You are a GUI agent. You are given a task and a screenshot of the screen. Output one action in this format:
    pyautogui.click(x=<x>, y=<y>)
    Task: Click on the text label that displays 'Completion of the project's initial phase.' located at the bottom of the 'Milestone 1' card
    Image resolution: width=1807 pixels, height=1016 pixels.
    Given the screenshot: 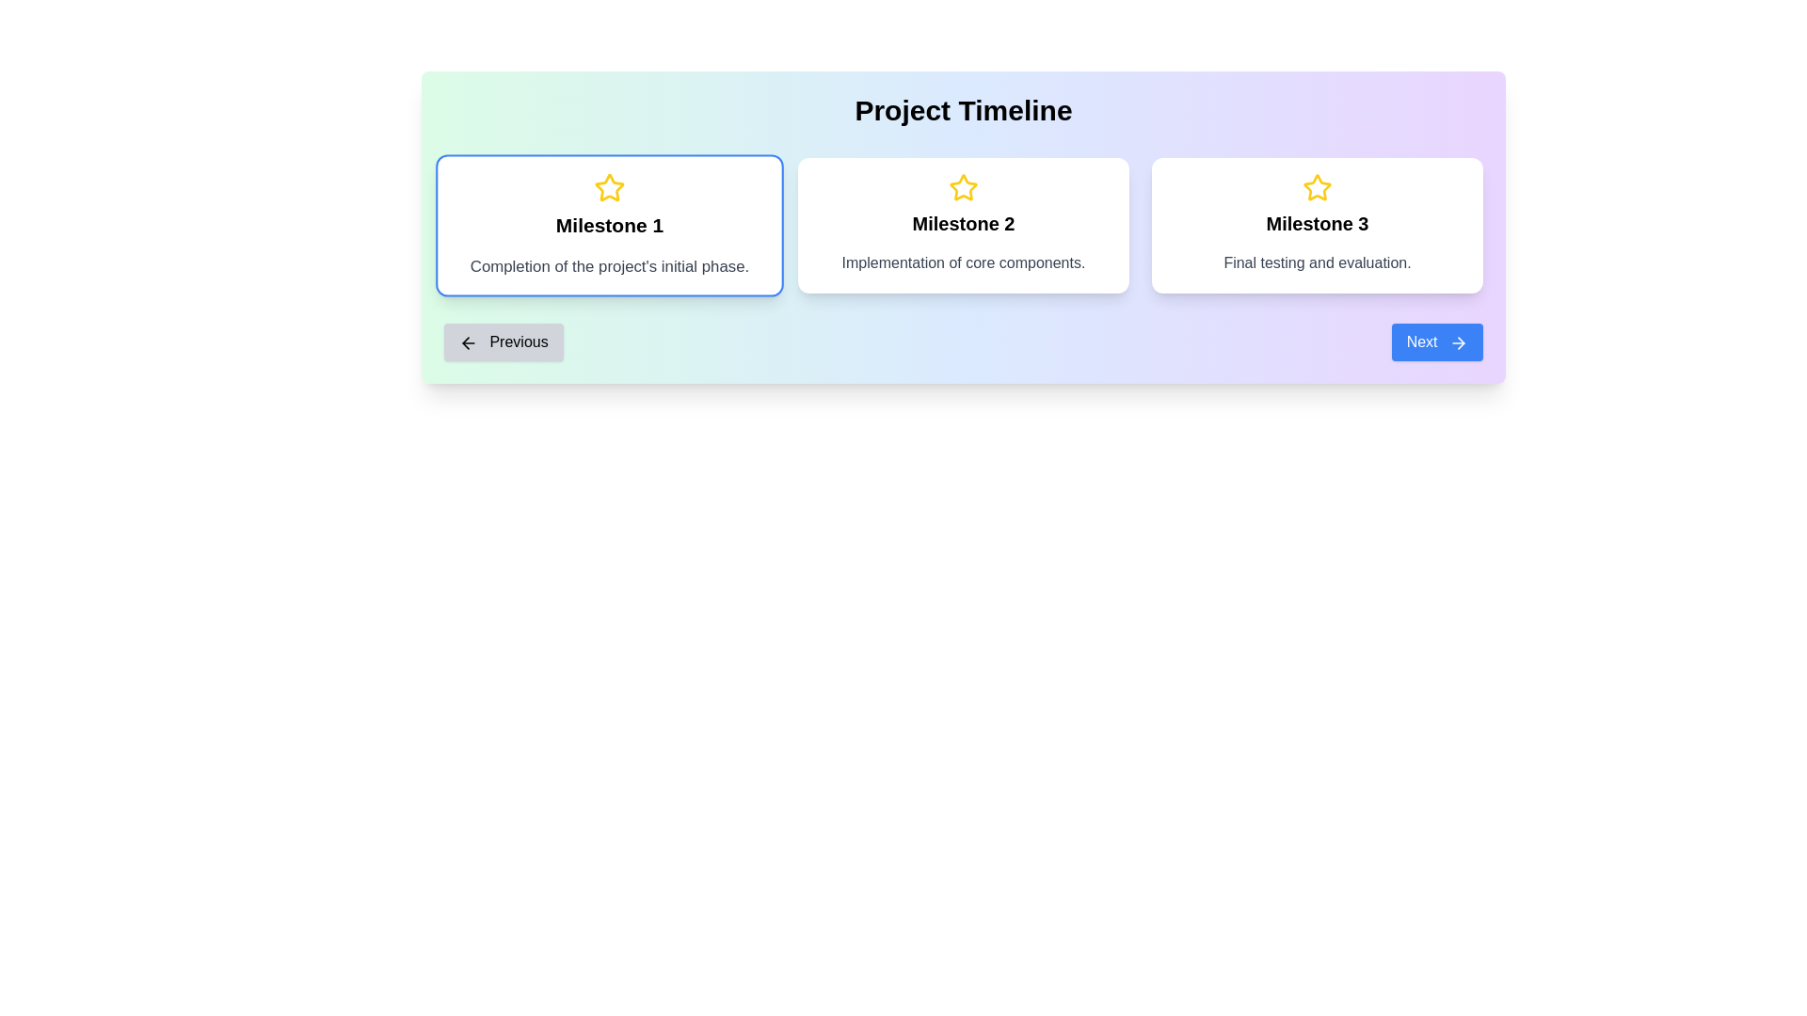 What is the action you would take?
    pyautogui.click(x=610, y=267)
    